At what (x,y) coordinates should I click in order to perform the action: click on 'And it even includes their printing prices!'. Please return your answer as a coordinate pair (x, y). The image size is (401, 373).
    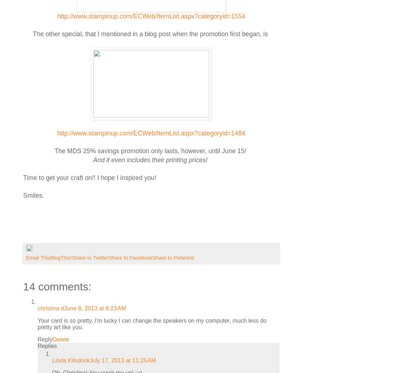
    Looking at the image, I should click on (151, 159).